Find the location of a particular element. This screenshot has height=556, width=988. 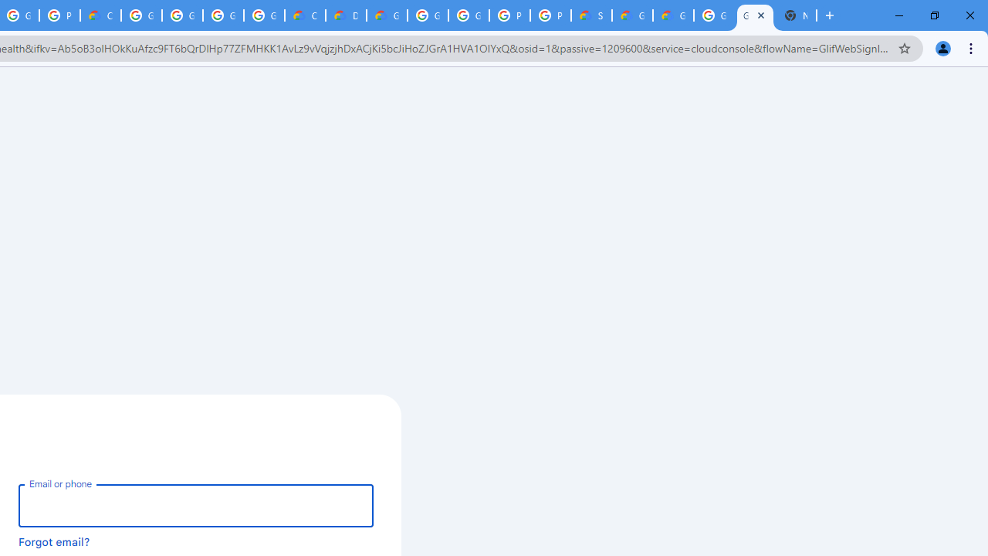

'Support Hub | Google Cloud' is located at coordinates (590, 15).